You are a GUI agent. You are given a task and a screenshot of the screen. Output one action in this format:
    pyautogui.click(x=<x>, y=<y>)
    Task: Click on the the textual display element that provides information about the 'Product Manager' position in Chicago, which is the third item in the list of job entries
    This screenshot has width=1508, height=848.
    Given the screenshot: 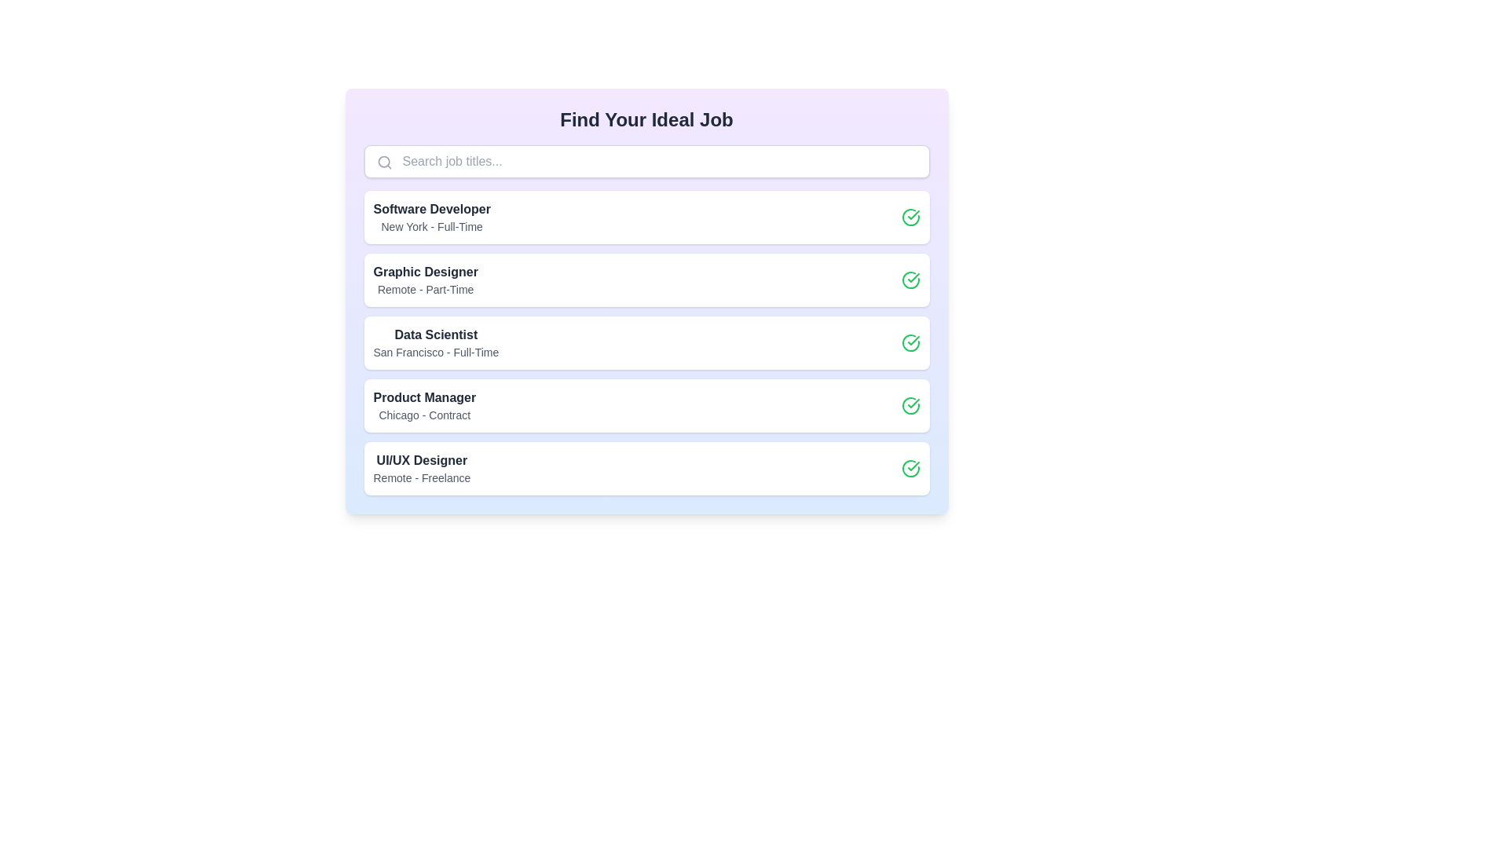 What is the action you would take?
    pyautogui.click(x=424, y=404)
    